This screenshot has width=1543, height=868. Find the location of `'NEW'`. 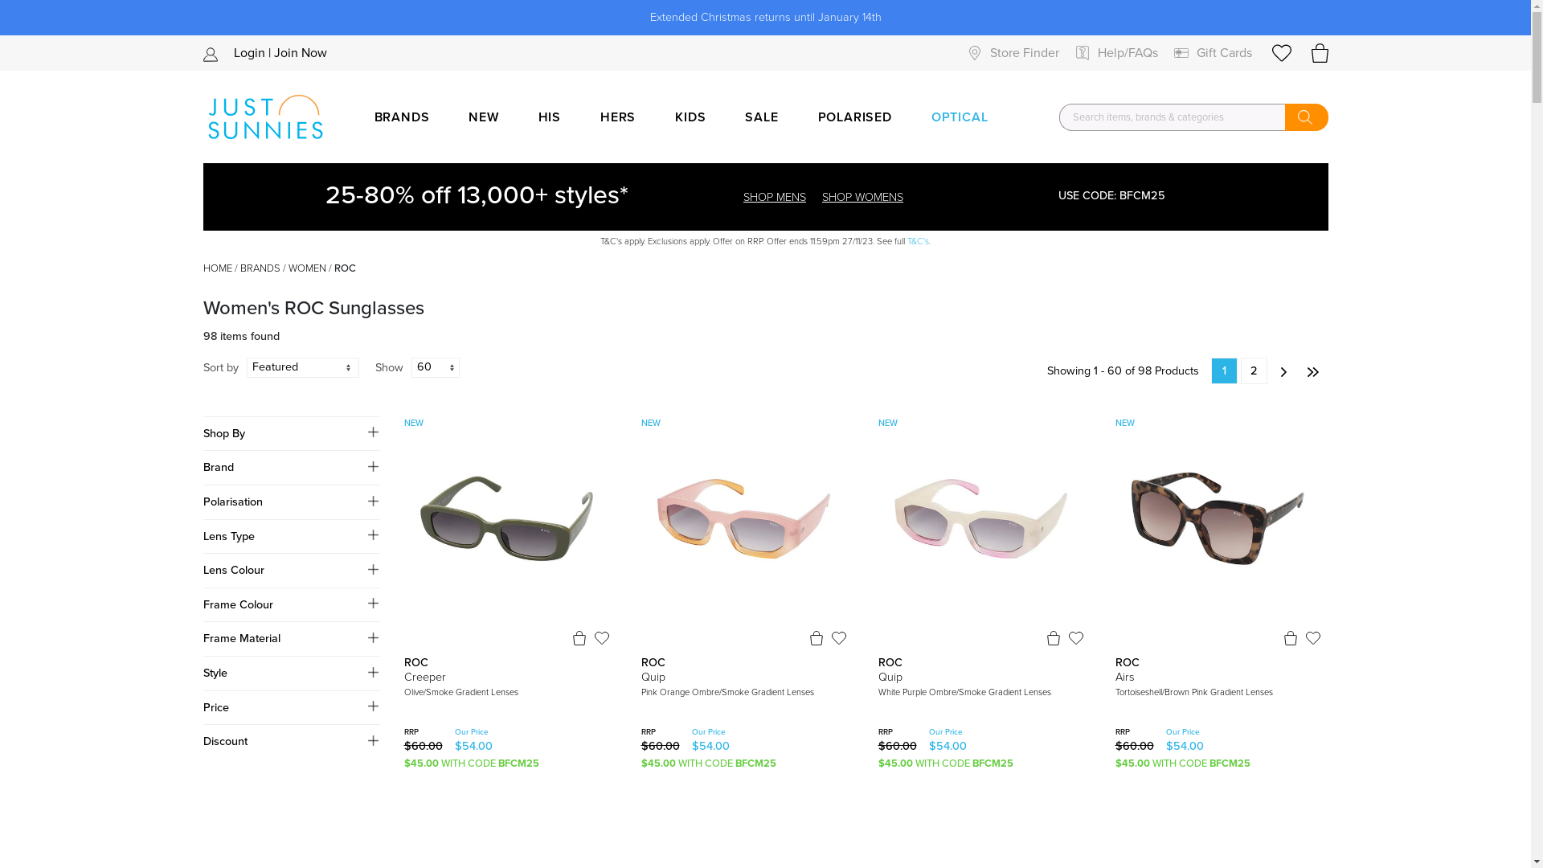

'NEW' is located at coordinates (482, 116).